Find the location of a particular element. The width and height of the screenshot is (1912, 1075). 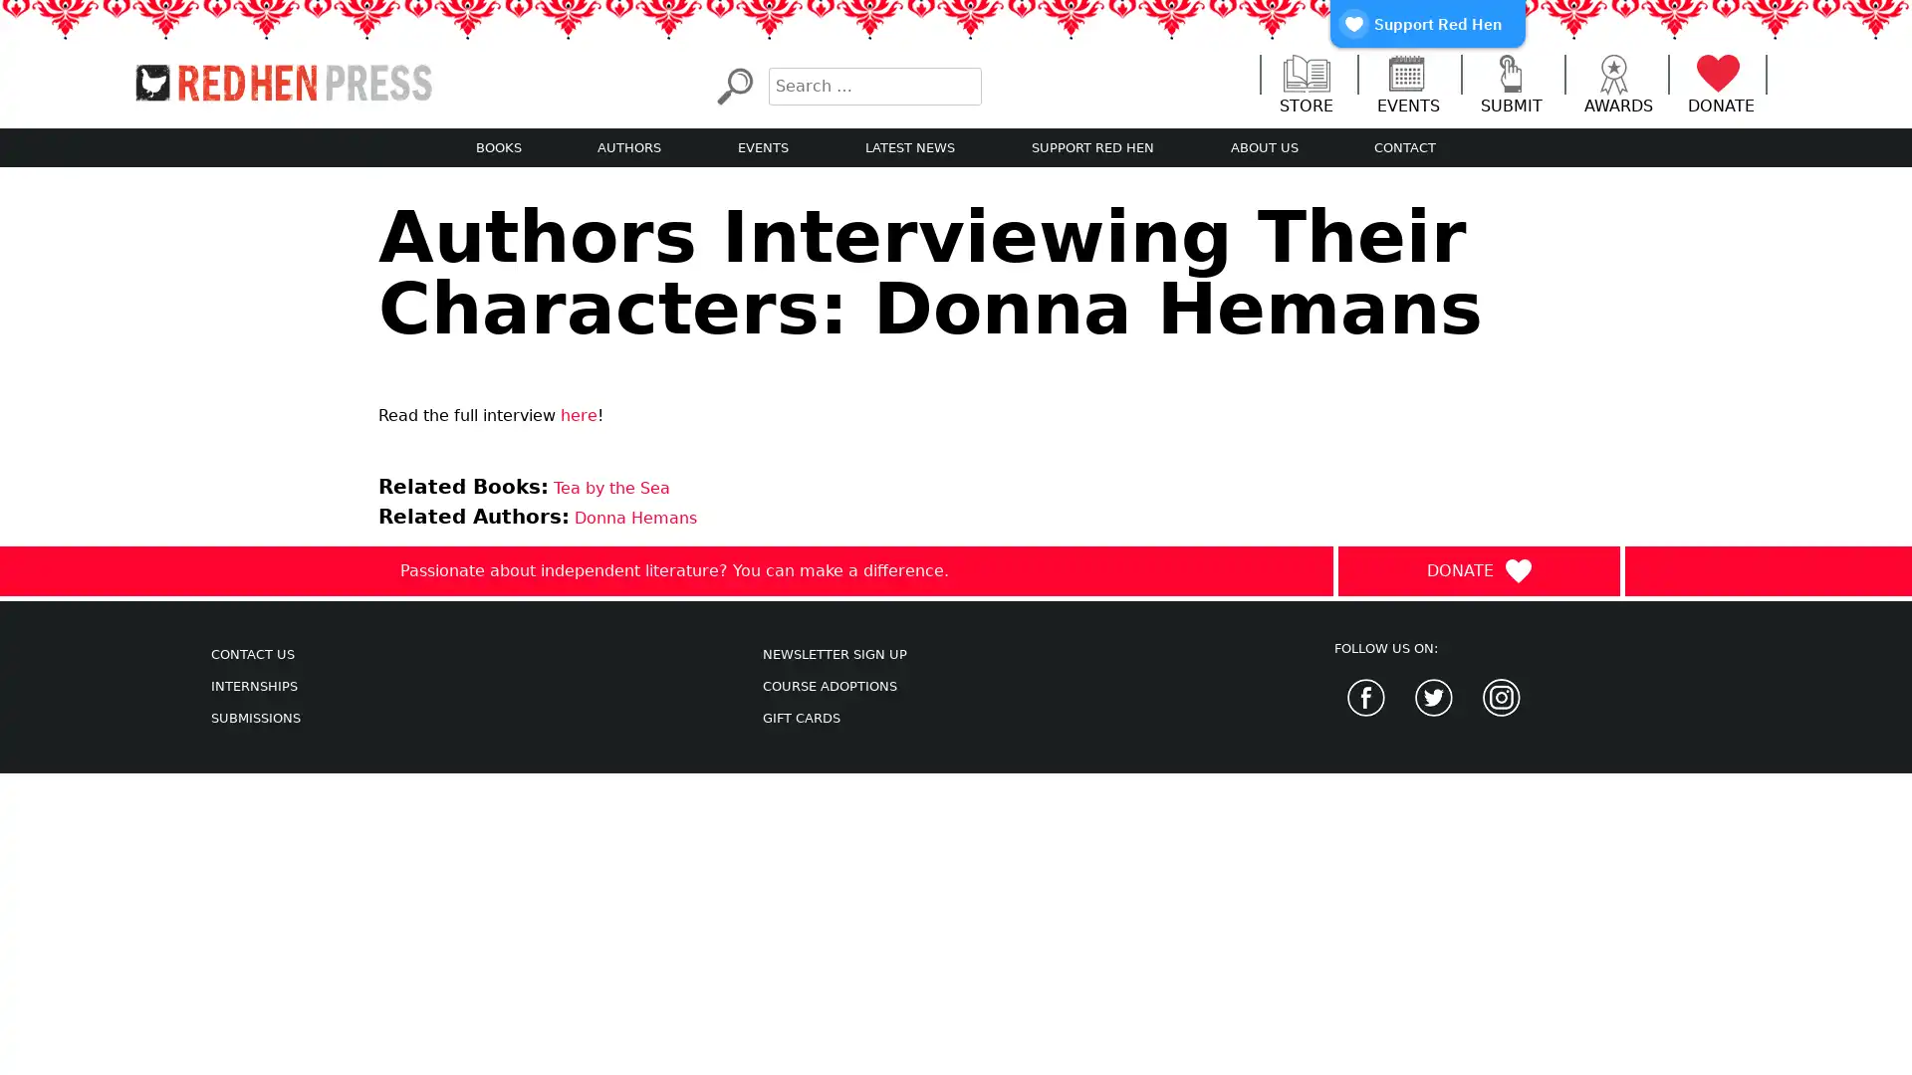

search icon is located at coordinates (733, 85).